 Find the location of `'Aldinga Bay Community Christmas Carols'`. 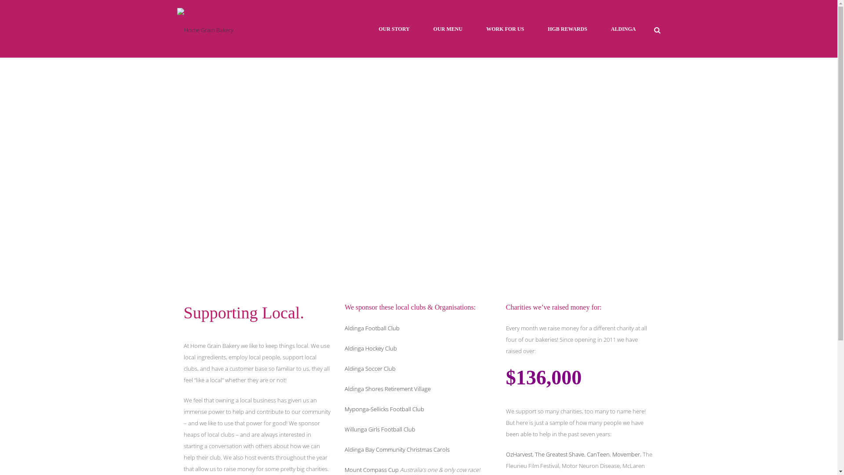

'Aldinga Bay Community Christmas Carols' is located at coordinates (397, 449).